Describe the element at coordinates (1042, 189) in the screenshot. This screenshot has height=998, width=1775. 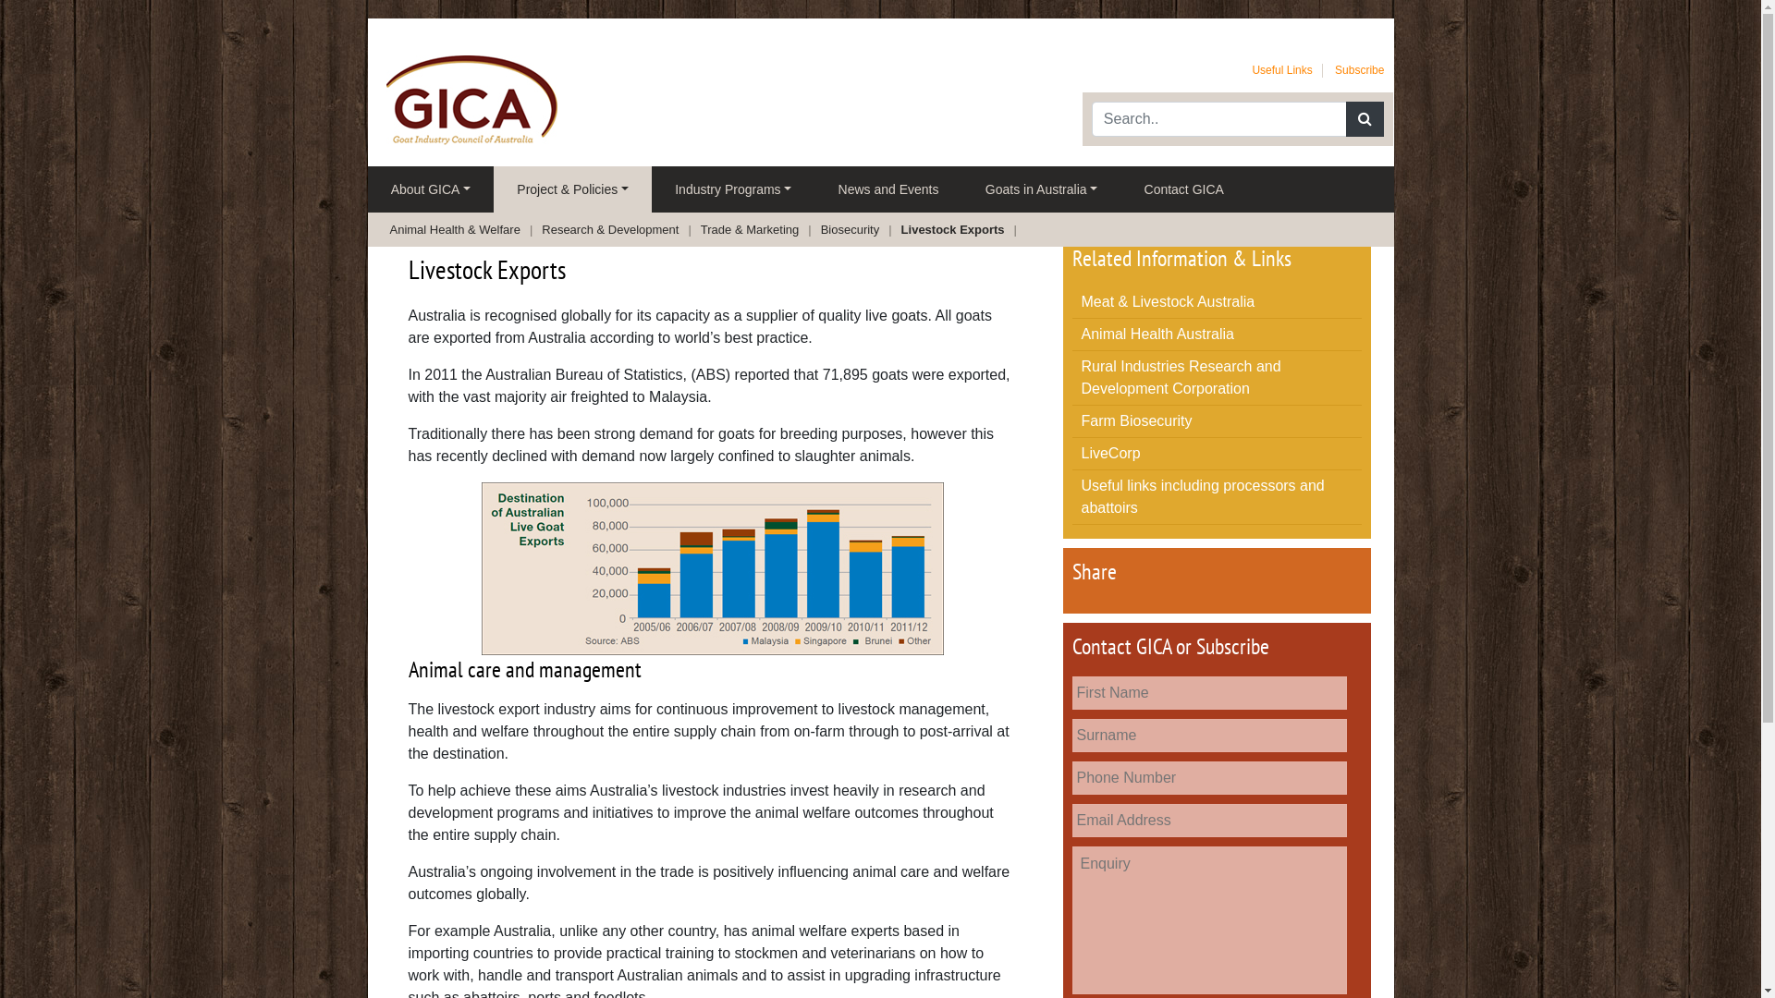
I see `'Goats in Australia'` at that location.